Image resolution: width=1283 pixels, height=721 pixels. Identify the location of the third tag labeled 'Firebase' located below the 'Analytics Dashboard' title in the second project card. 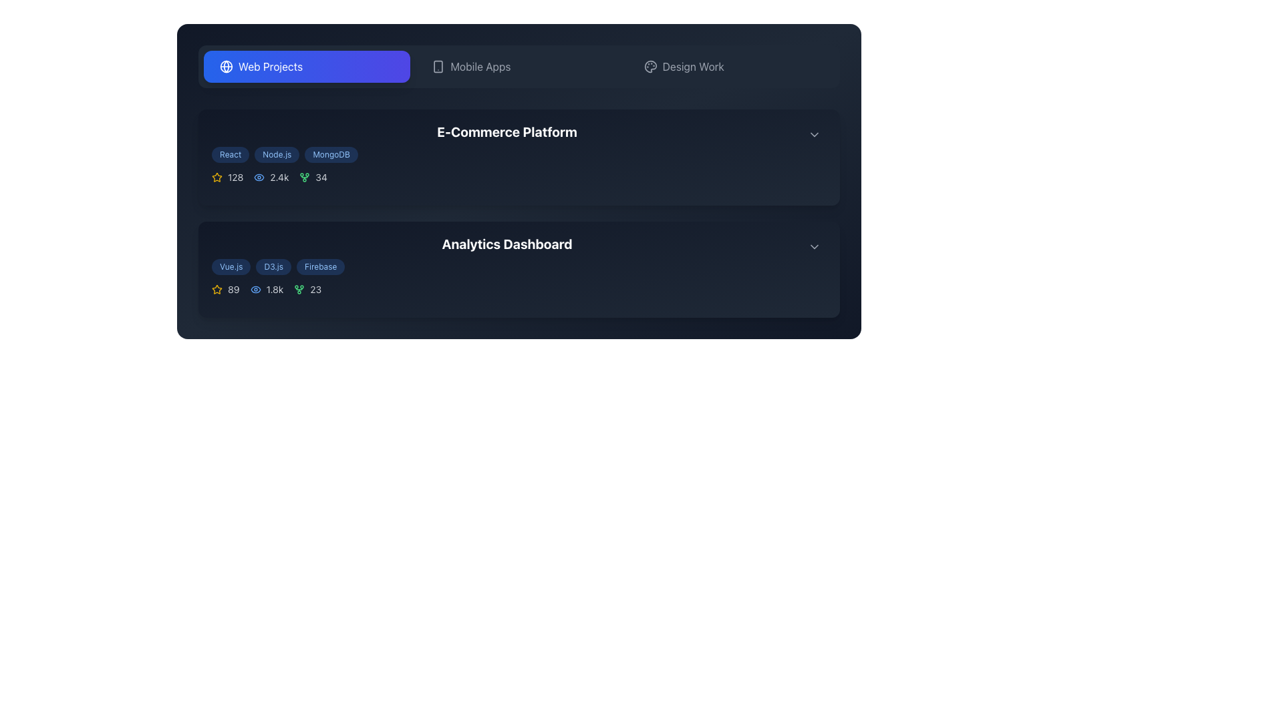
(321, 267).